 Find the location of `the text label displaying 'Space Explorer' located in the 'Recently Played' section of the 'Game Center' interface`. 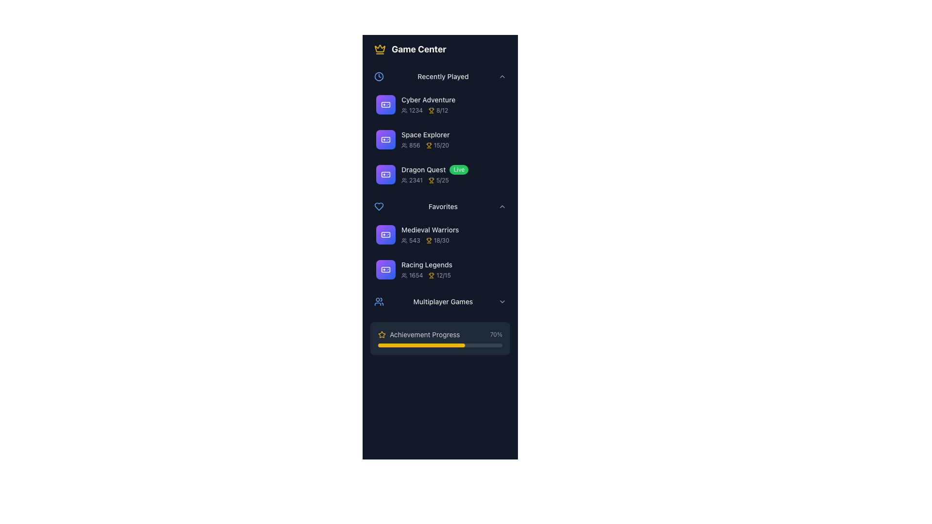

the text label displaying 'Space Explorer' located in the 'Recently Played' section of the 'Game Center' interface is located at coordinates (425, 134).